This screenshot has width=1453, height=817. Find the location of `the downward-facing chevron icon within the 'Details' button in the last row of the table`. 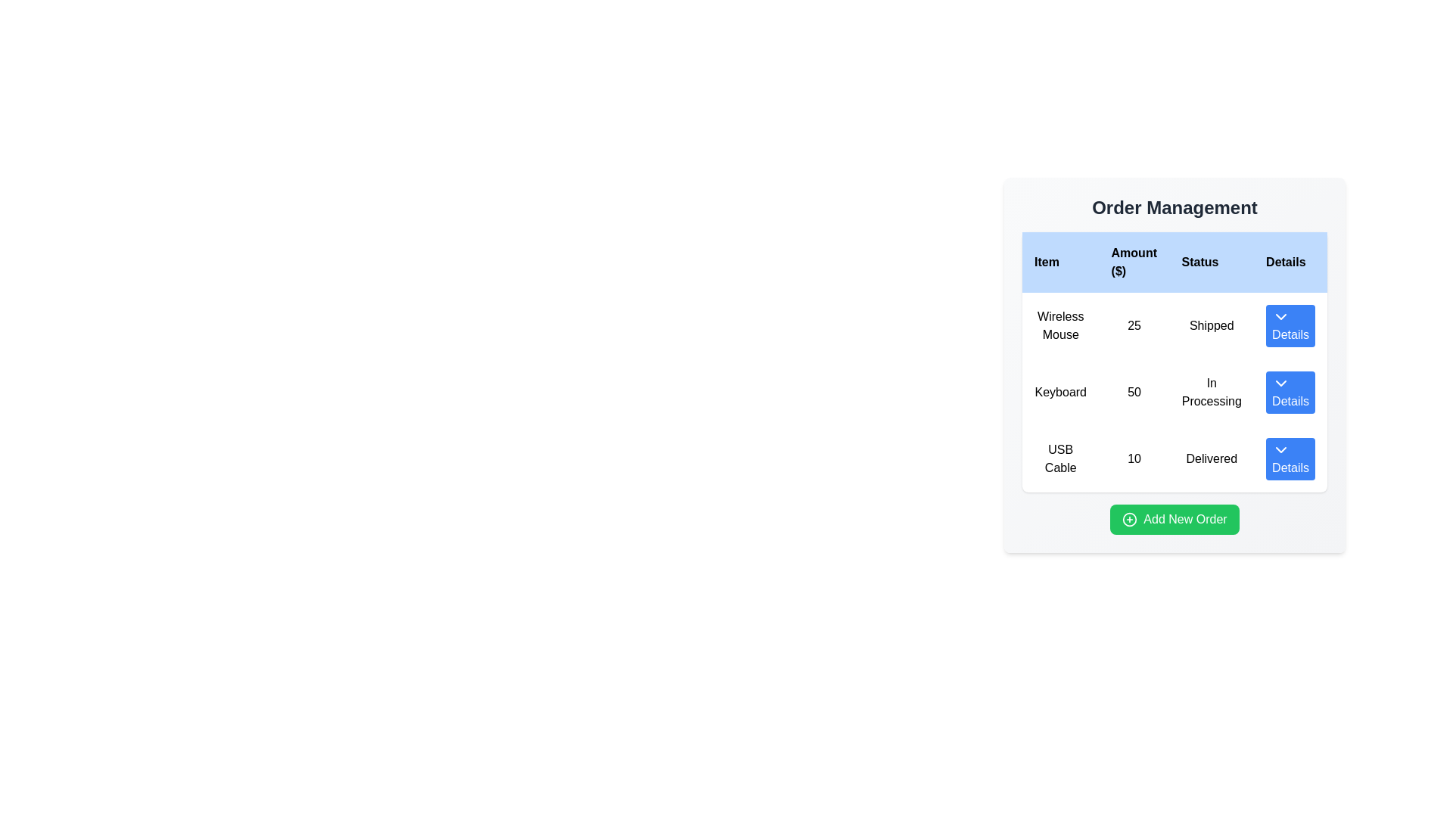

the downward-facing chevron icon within the 'Details' button in the last row of the table is located at coordinates (1280, 449).